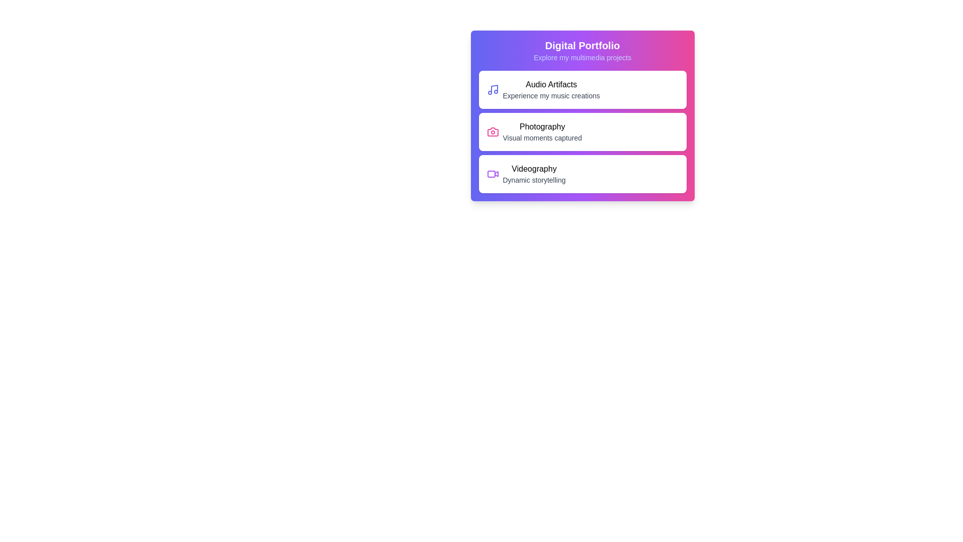 The height and width of the screenshot is (542, 963). What do you see at coordinates (534, 168) in the screenshot?
I see `text label displaying 'Videography' located in the third card of the multimedia project categories section, positioned above the subtitle 'Dynamic storytelling.'` at bounding box center [534, 168].